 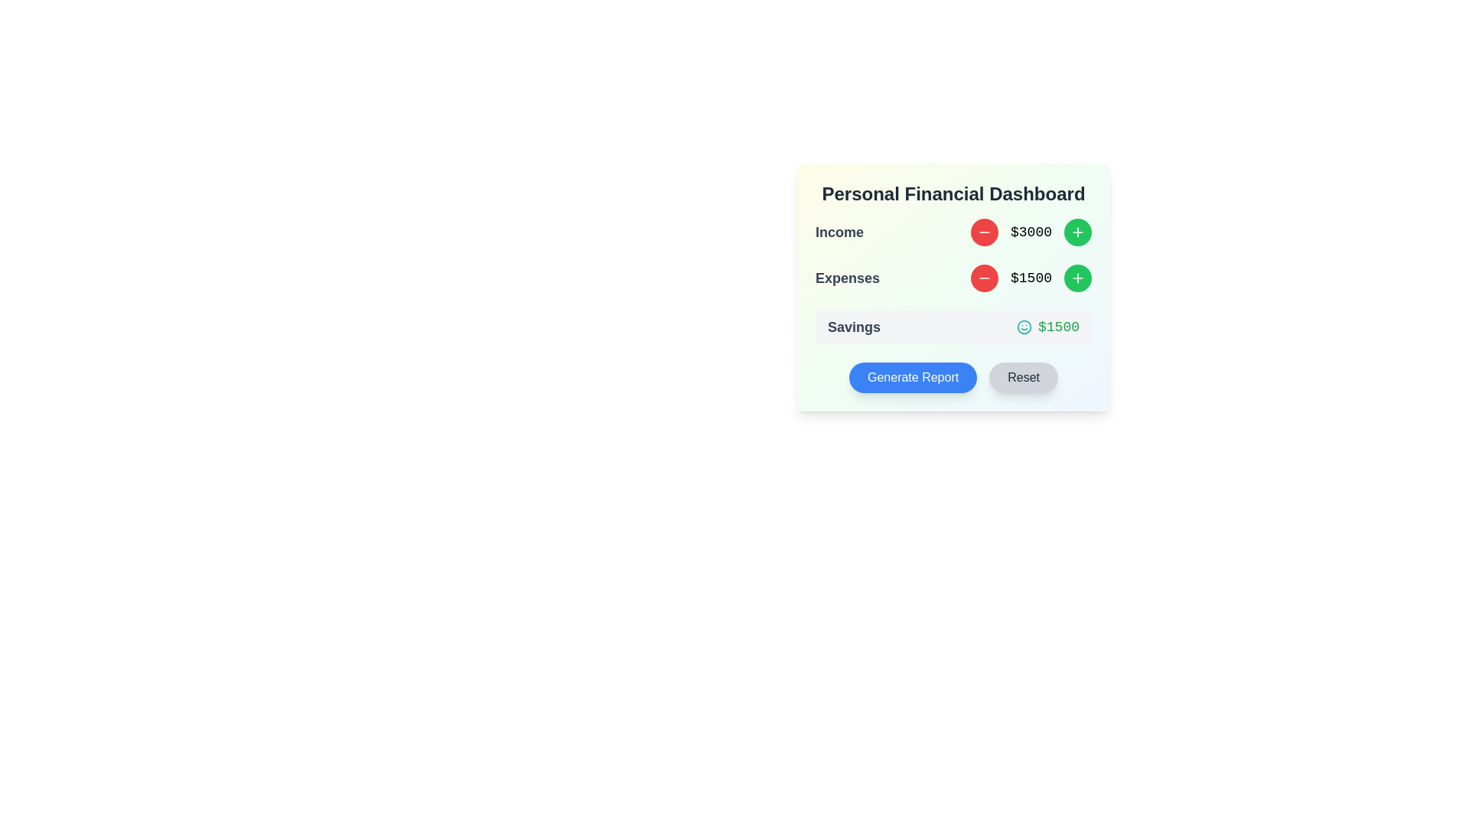 I want to click on the circular red button with a white minus symbol inside, located to the left of the numeric text field displaying '$1500' within the 'Expenses' section, so click(x=984, y=278).